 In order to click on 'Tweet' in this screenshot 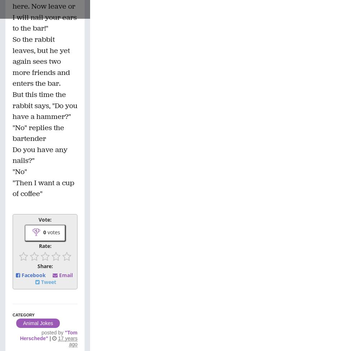, I will do `click(47, 281)`.